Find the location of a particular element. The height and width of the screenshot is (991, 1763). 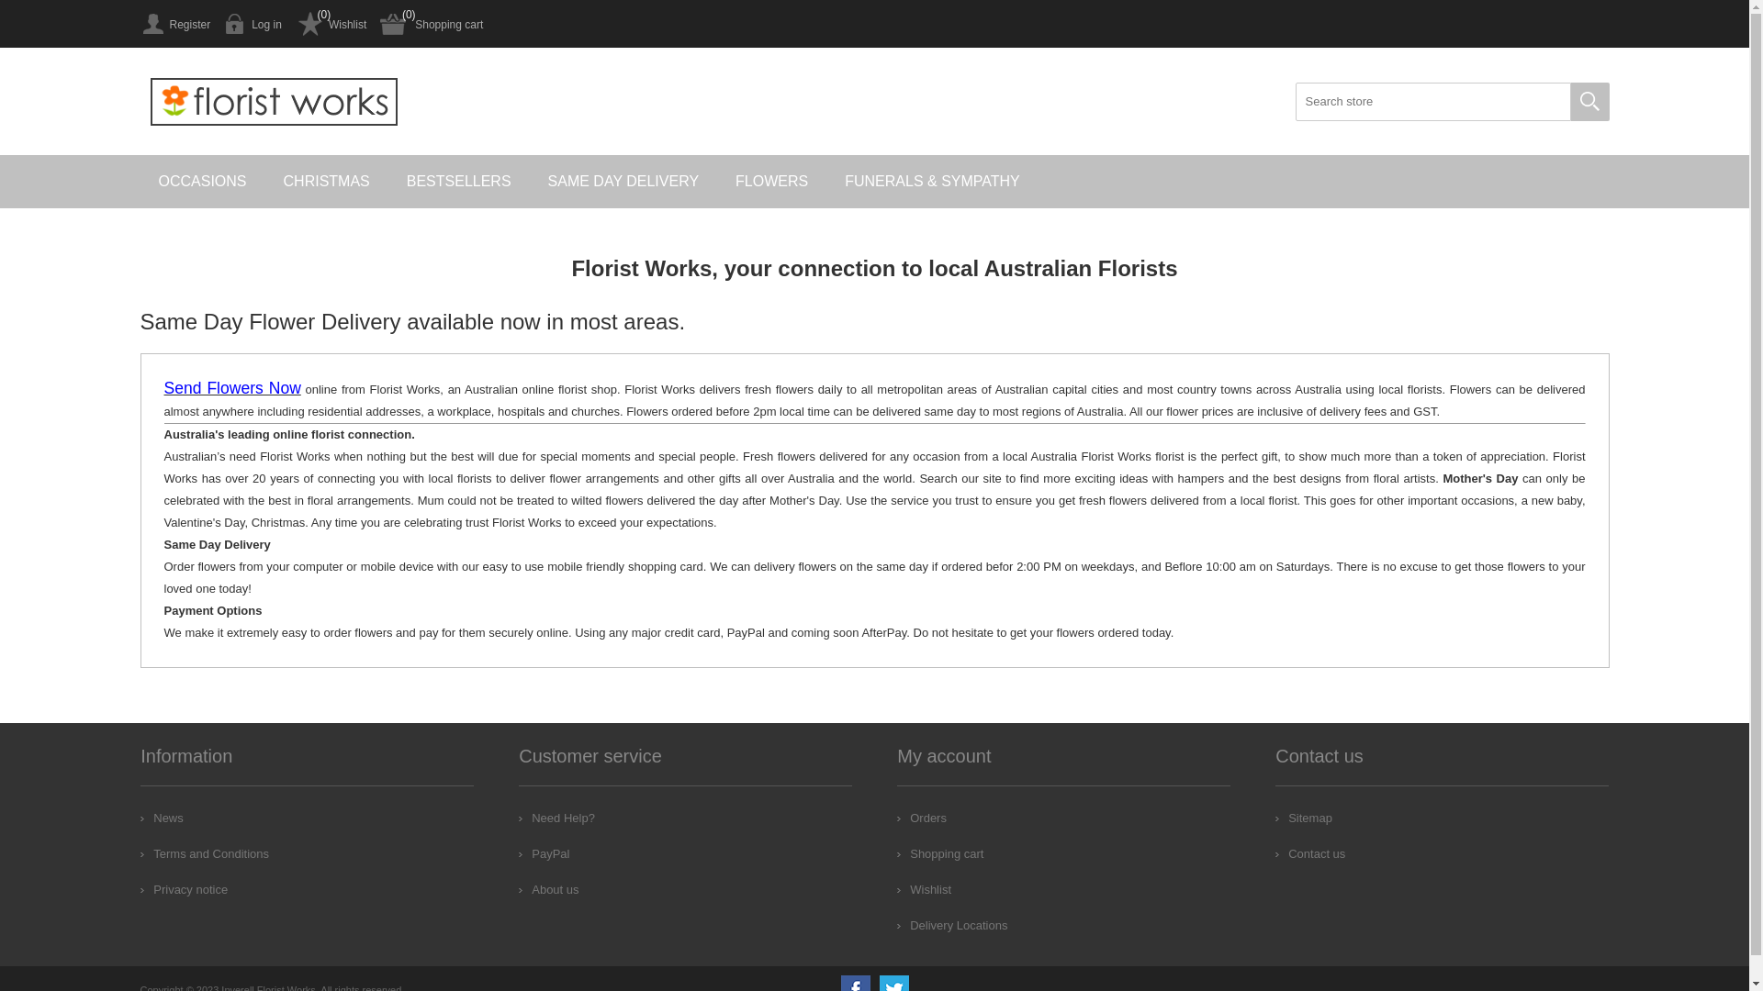

'Need Help?' is located at coordinates (556, 817).